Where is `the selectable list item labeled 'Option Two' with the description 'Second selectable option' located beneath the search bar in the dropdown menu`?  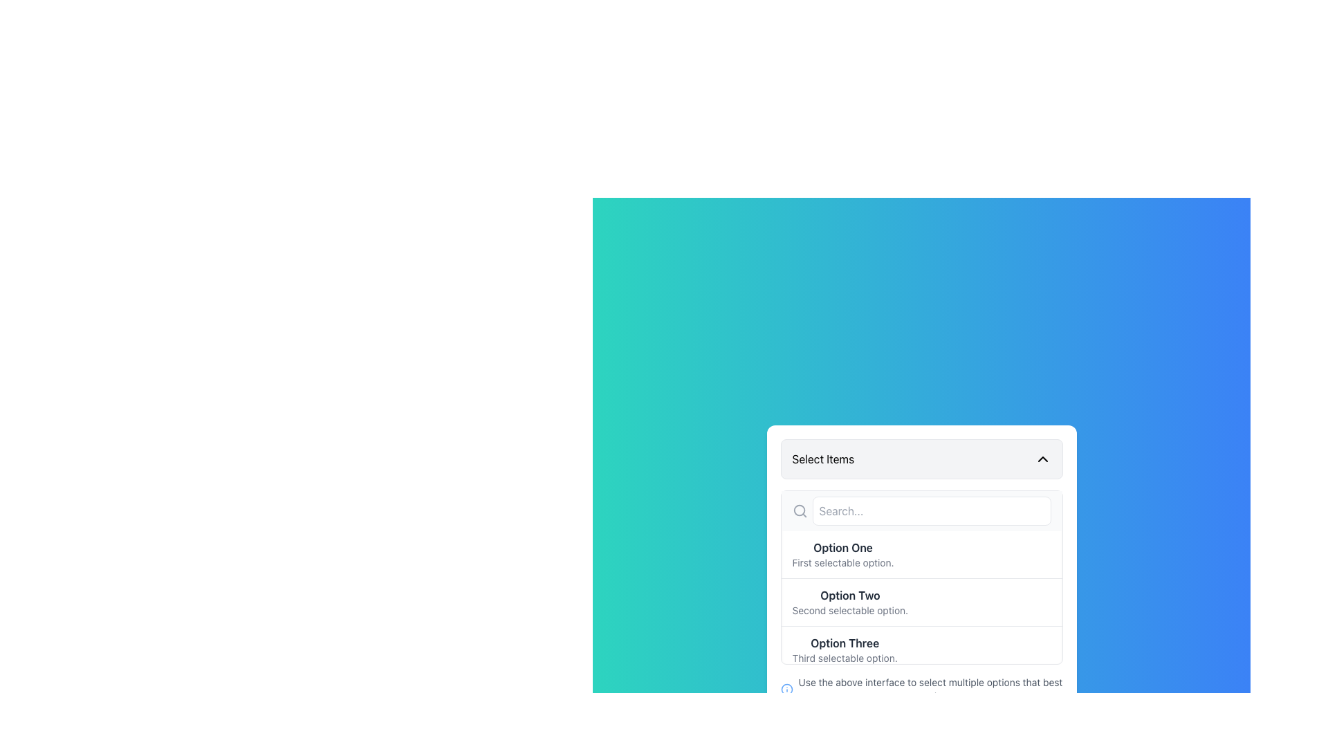 the selectable list item labeled 'Option Two' with the description 'Second selectable option' located beneath the search bar in the dropdown menu is located at coordinates (921, 597).